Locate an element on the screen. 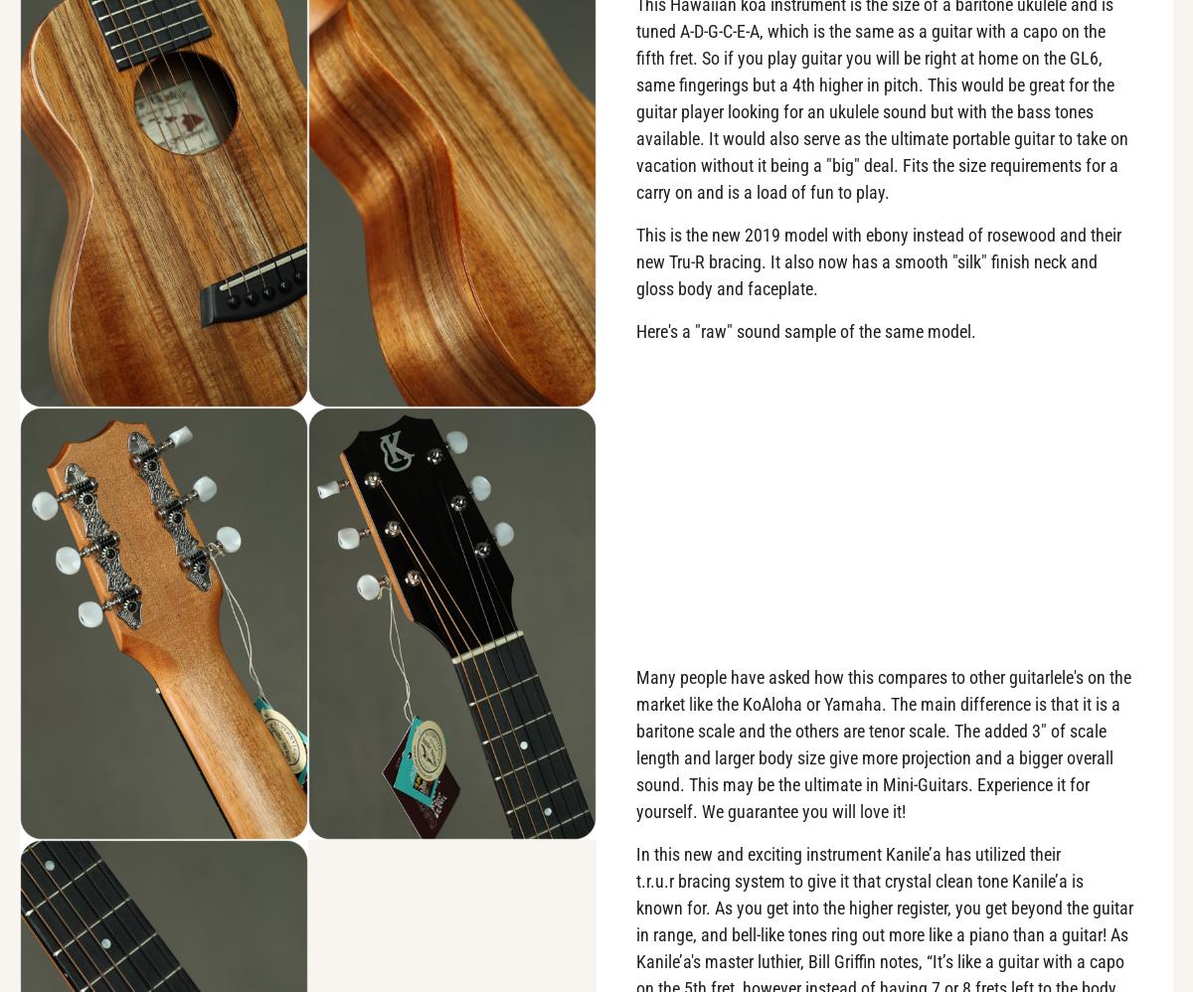 The width and height of the screenshot is (1193, 992). 'Final Cleanup:' is located at coordinates (107, 896).